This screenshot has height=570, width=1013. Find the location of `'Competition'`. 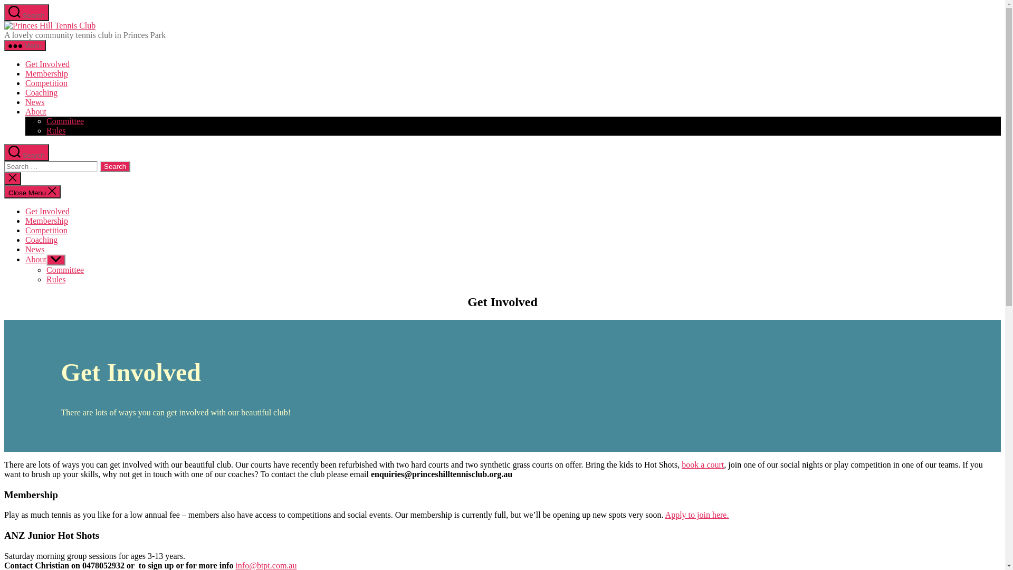

'Competition' is located at coordinates (45, 82).